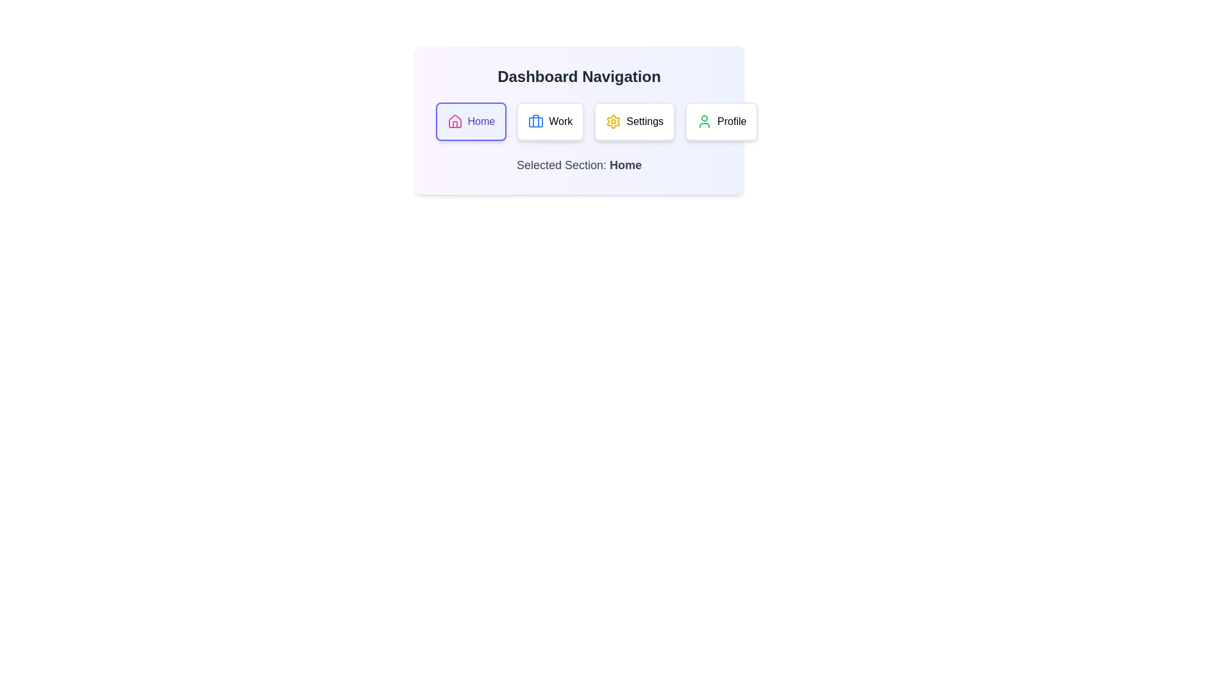 This screenshot has width=1231, height=692. What do you see at coordinates (635, 121) in the screenshot?
I see `the Settings button located in the Dashboard Navigation section, which is the third button from the left, positioned between the Work and Profile buttons` at bounding box center [635, 121].